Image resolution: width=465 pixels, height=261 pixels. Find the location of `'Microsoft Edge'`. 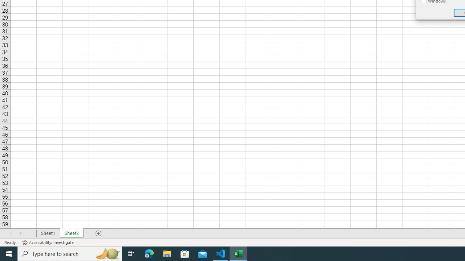

'Microsoft Edge' is located at coordinates (149, 253).